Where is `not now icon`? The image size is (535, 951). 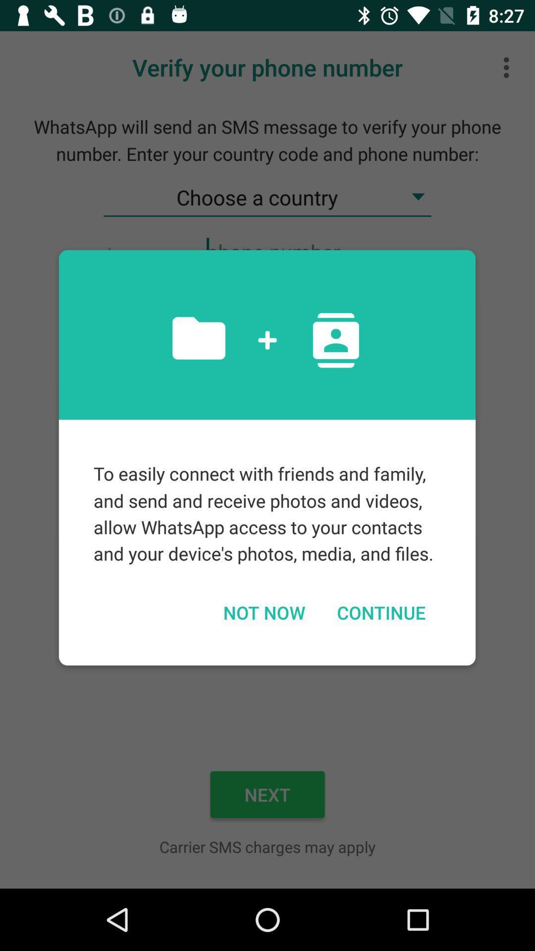 not now icon is located at coordinates (264, 612).